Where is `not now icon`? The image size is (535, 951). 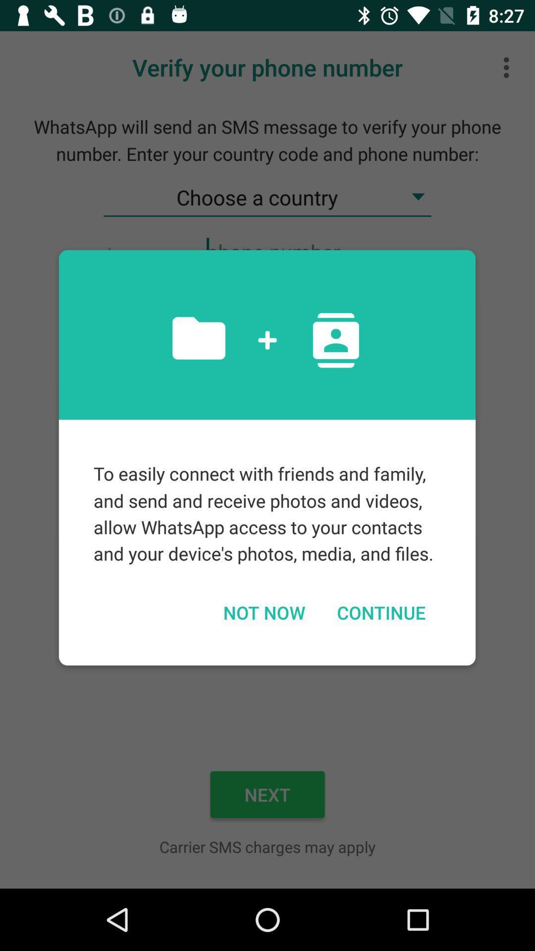 not now icon is located at coordinates (264, 612).